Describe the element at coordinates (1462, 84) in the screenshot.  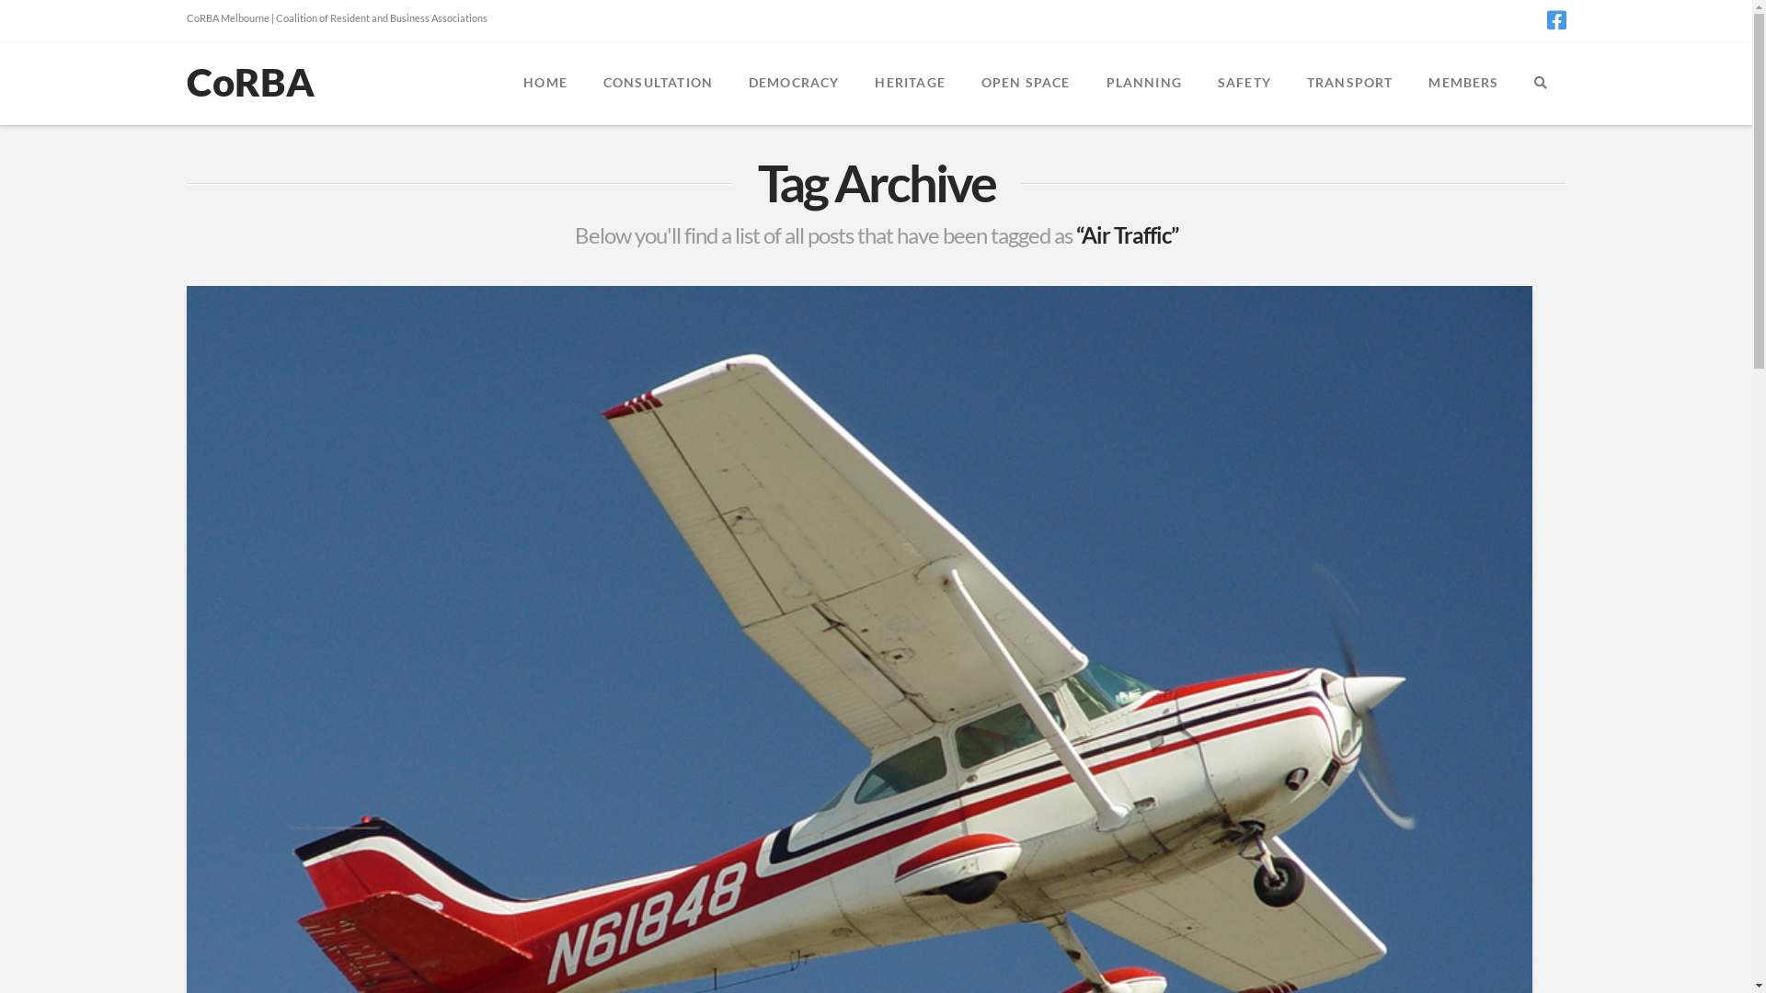
I see `'MEMBERS'` at that location.